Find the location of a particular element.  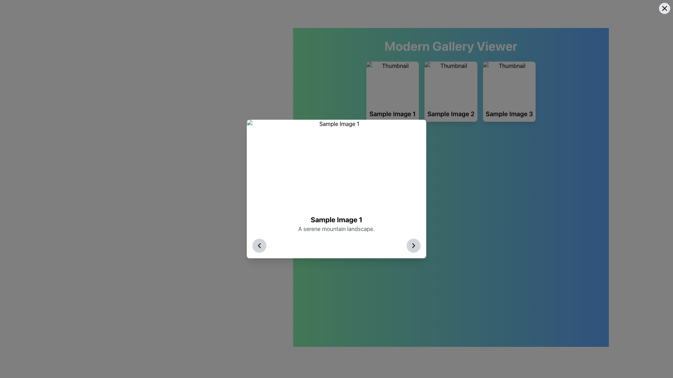

the Close Icon in the top-right corner of the interface is located at coordinates (664, 8).